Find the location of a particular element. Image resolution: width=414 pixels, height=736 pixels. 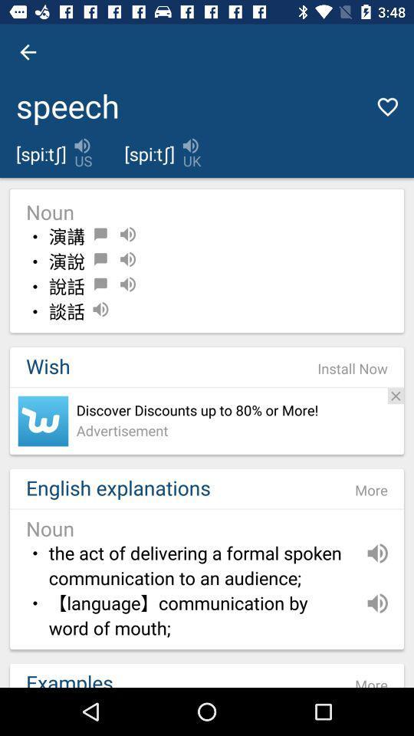

discover discount is located at coordinates (43, 421).